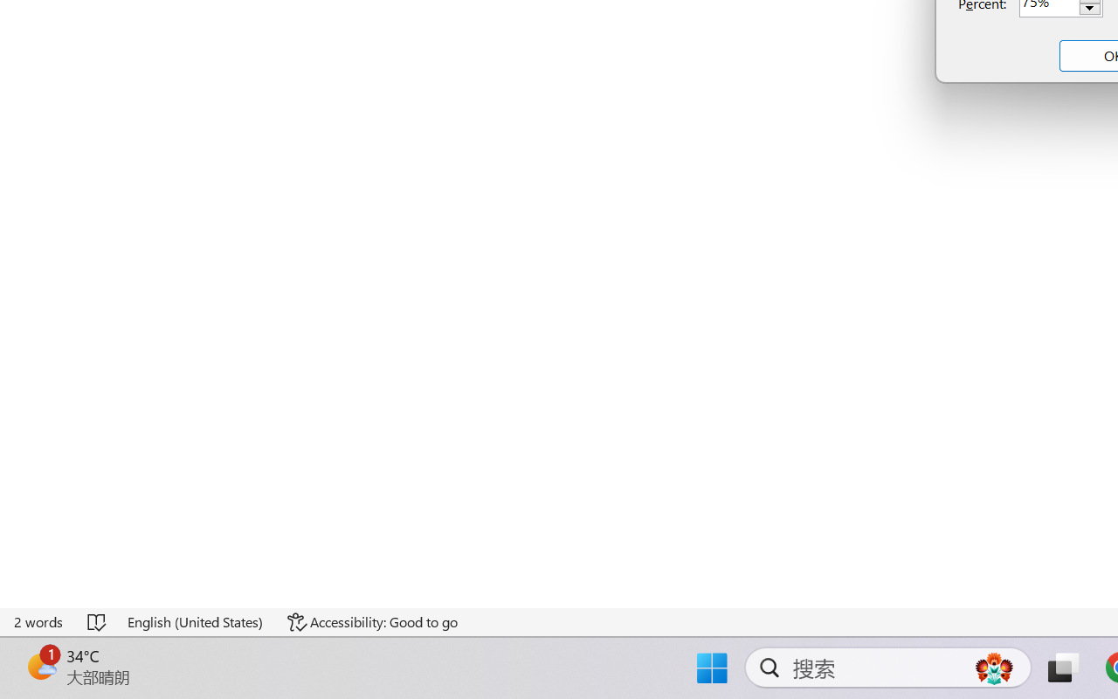  What do you see at coordinates (994, 668) in the screenshot?
I see `'AutomationID: DynamicSearchBoxGleamImage'` at bounding box center [994, 668].